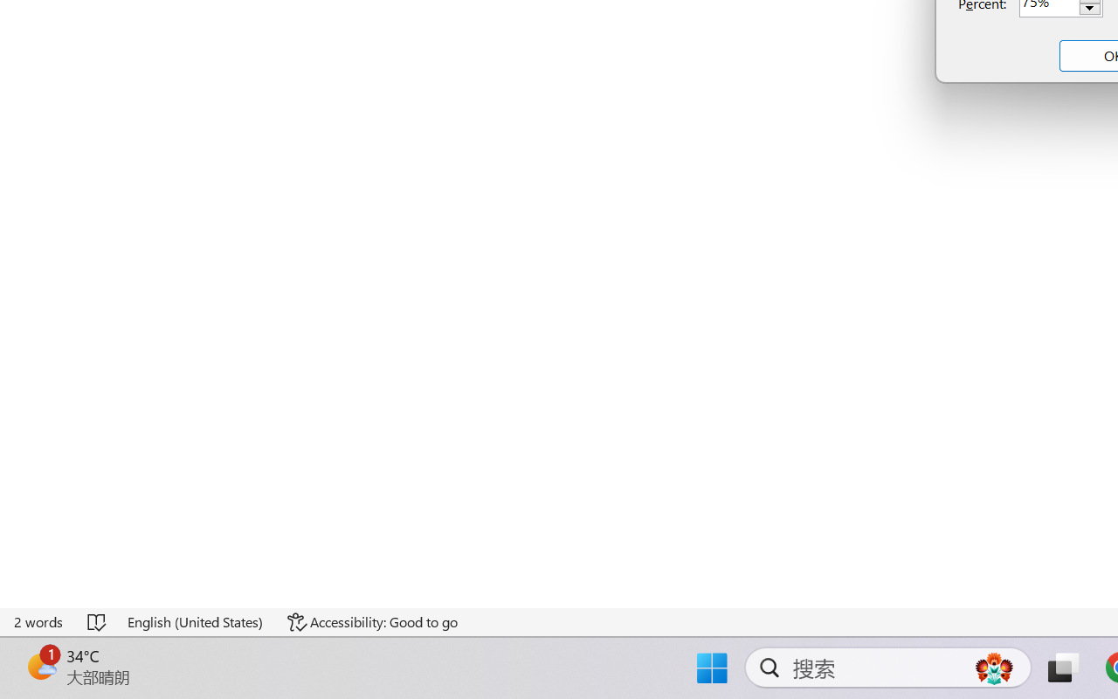  What do you see at coordinates (994, 668) in the screenshot?
I see `'AutomationID: DynamicSearchBoxGleamImage'` at bounding box center [994, 668].